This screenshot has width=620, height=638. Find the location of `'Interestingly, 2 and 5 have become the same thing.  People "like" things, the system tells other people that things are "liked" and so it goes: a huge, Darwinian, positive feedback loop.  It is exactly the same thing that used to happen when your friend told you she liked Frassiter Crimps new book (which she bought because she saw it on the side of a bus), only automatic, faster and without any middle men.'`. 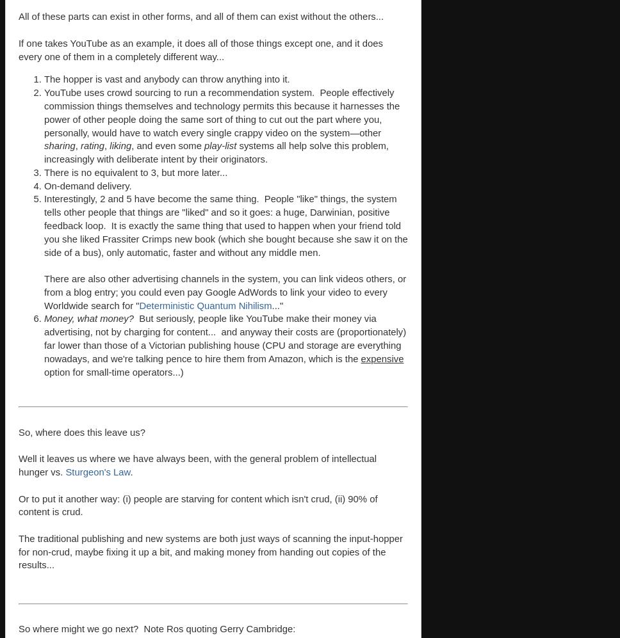

'Interestingly, 2 and 5 have become the same thing.  People "like" things, the system tells other people that things are "liked" and so it goes: a huge, Darwinian, positive feedback loop.  It is exactly the same thing that used to happen when your friend told you she liked Frassiter Crimps new book (which she bought because she saw it on the side of a bus), only automatic, faster and without any middle men.' is located at coordinates (225, 225).